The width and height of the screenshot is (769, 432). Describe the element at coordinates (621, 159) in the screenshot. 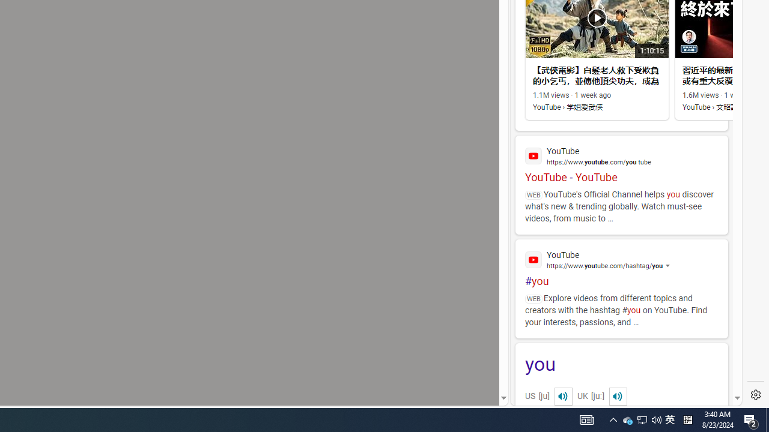

I see `'YouTube - YouTube'` at that location.